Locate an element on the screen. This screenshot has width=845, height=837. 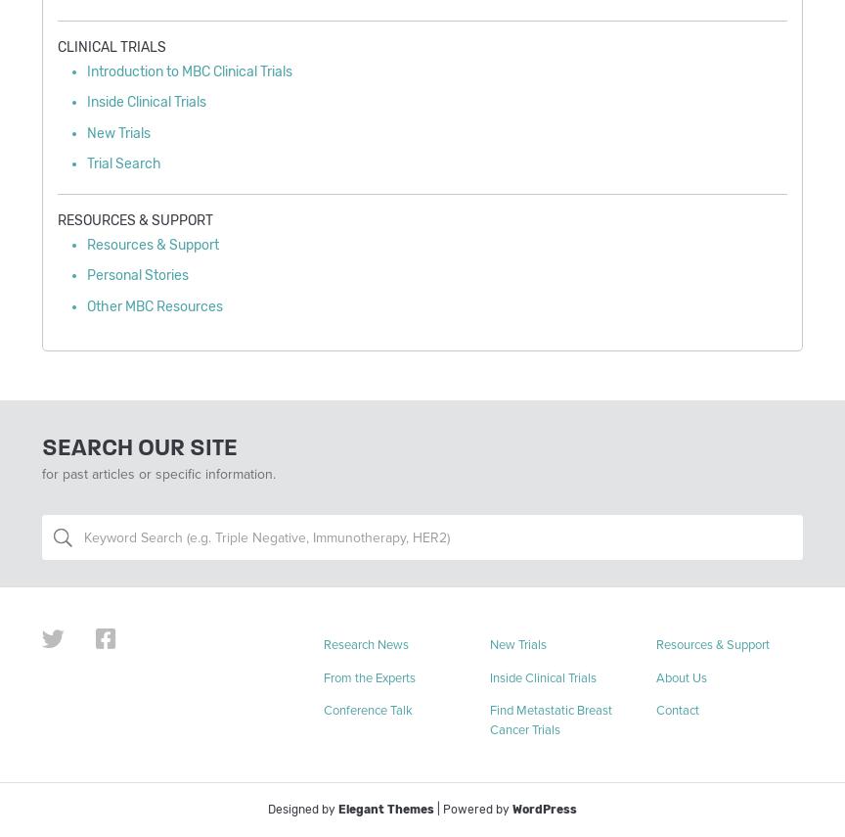
'Contact' is located at coordinates (676, 710).